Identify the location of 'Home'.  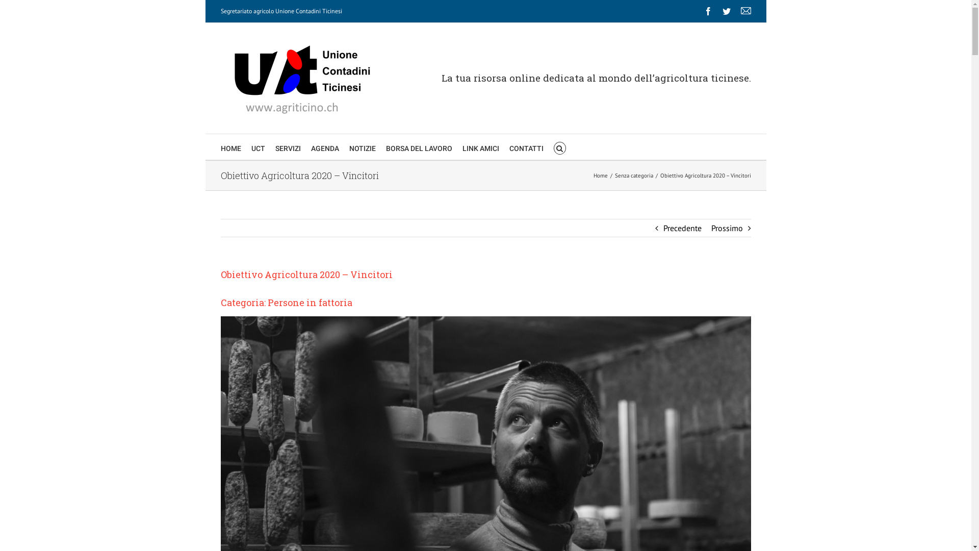
(600, 174).